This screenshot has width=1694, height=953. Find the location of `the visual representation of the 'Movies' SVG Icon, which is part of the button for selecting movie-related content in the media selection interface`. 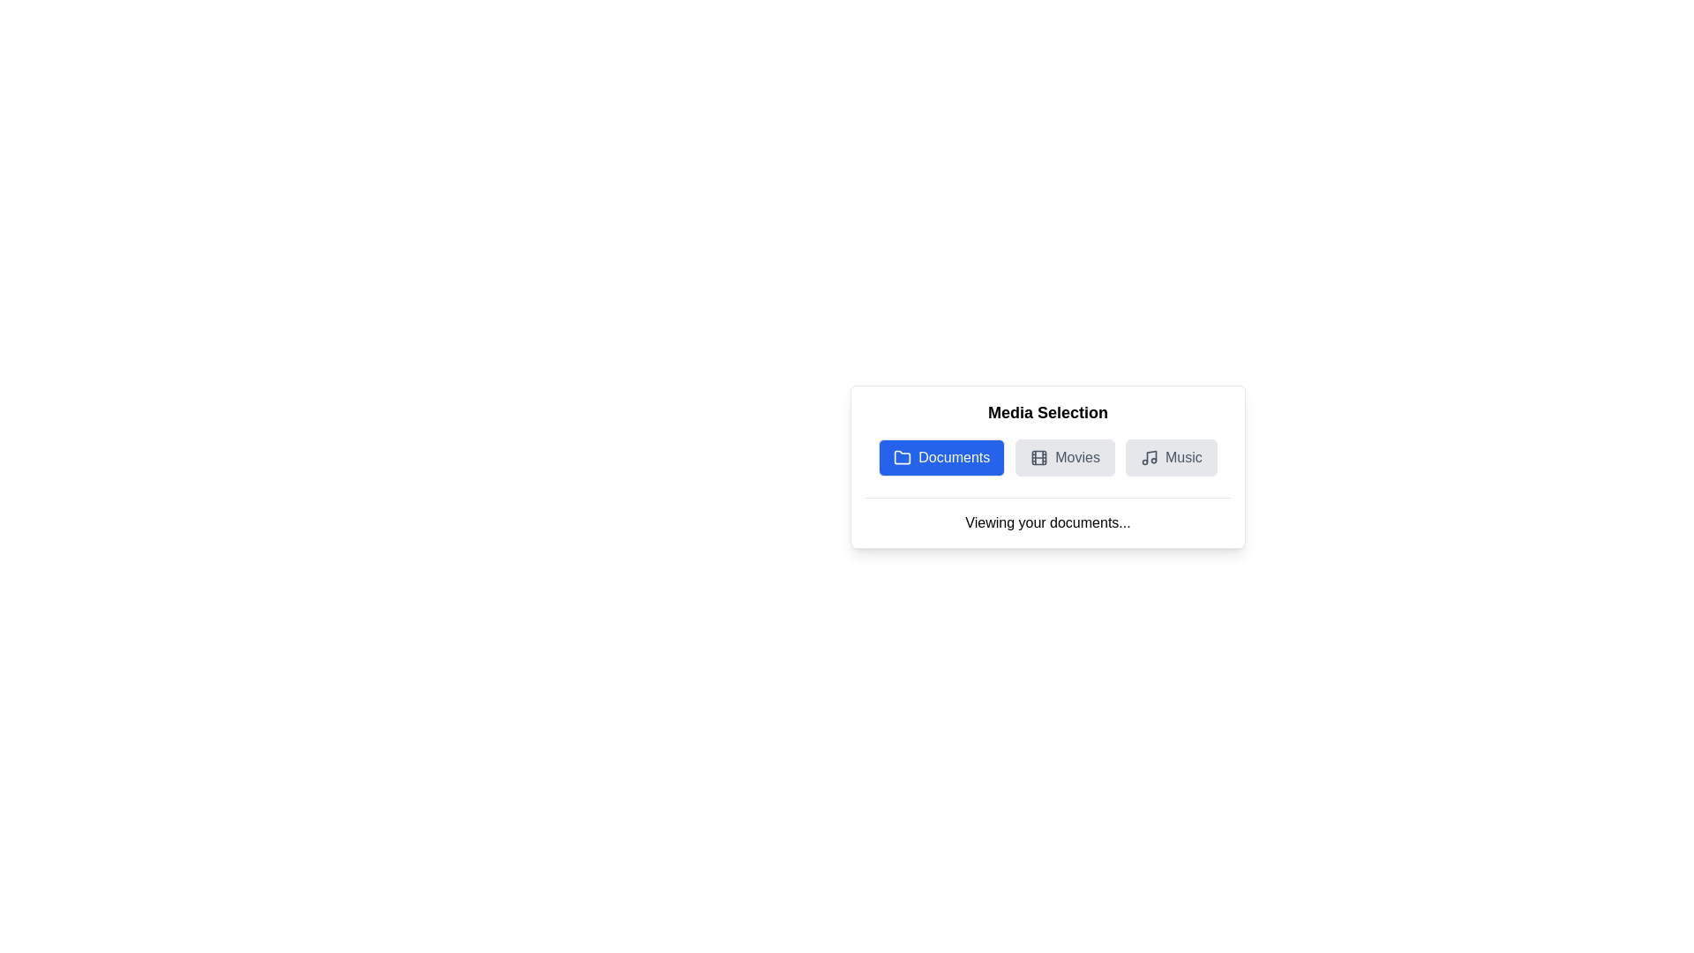

the visual representation of the 'Movies' SVG Icon, which is part of the button for selecting movie-related content in the media selection interface is located at coordinates (1039, 457).